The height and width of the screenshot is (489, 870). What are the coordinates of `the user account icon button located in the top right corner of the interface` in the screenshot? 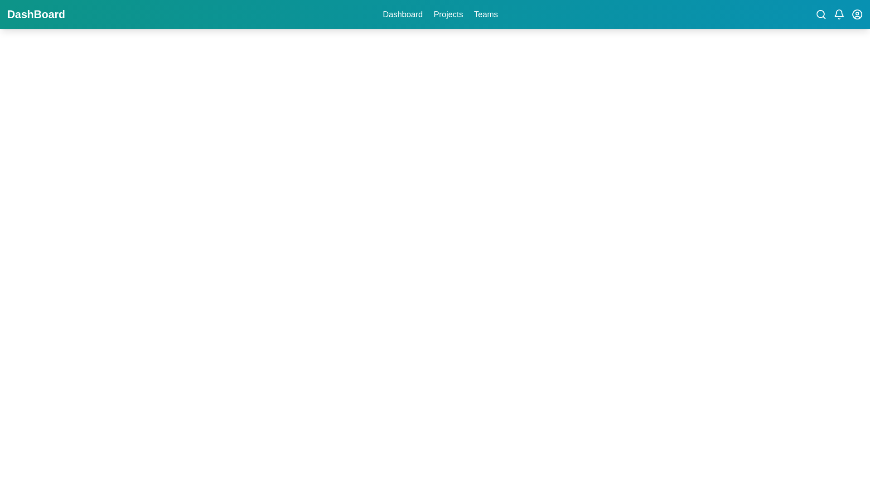 It's located at (856, 14).